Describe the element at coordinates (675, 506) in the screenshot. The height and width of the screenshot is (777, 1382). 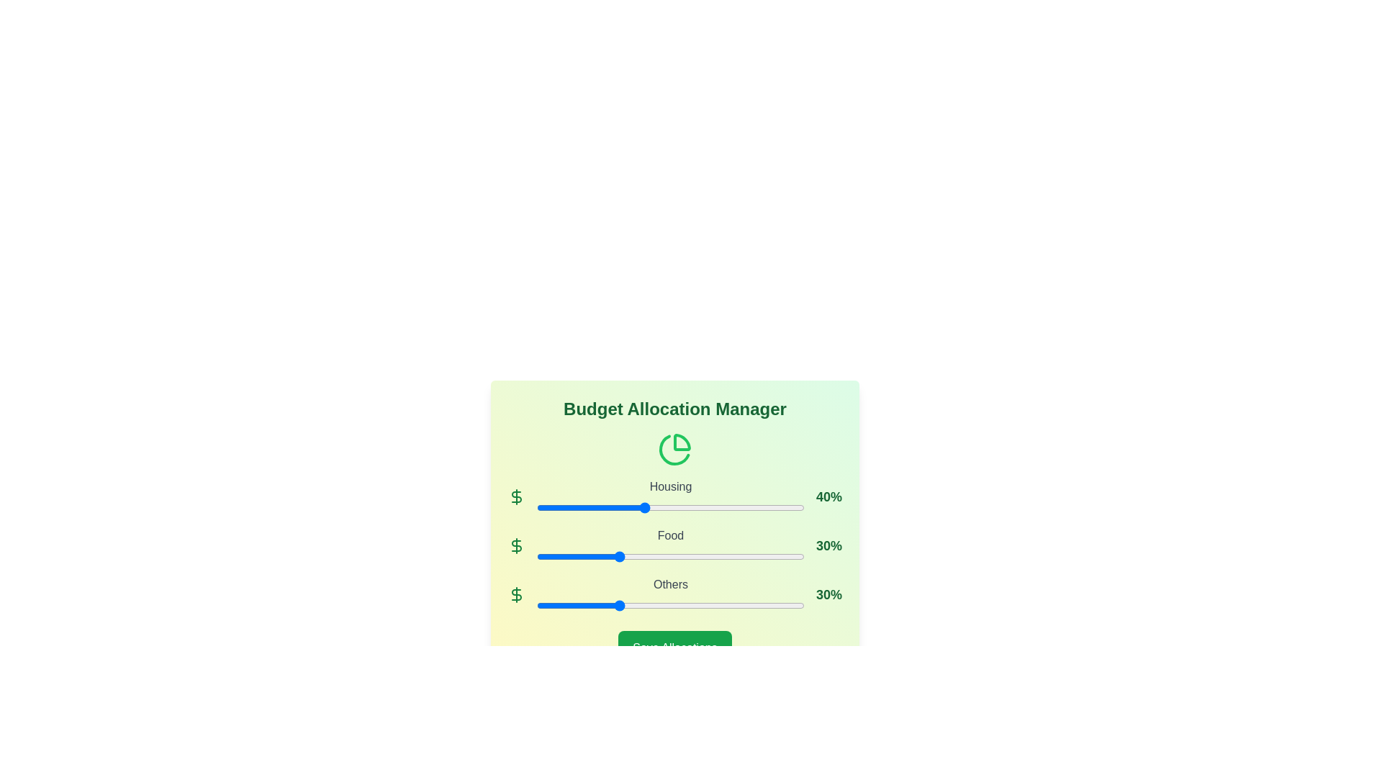
I see `the Housing allocation slider to 52%` at that location.